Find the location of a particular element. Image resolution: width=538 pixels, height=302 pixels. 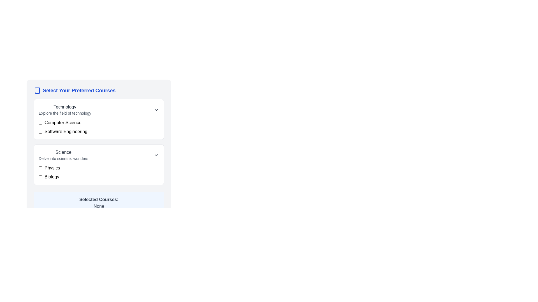

the checkbox labeled 'Biology' within the 'Science' panel is located at coordinates (99, 172).